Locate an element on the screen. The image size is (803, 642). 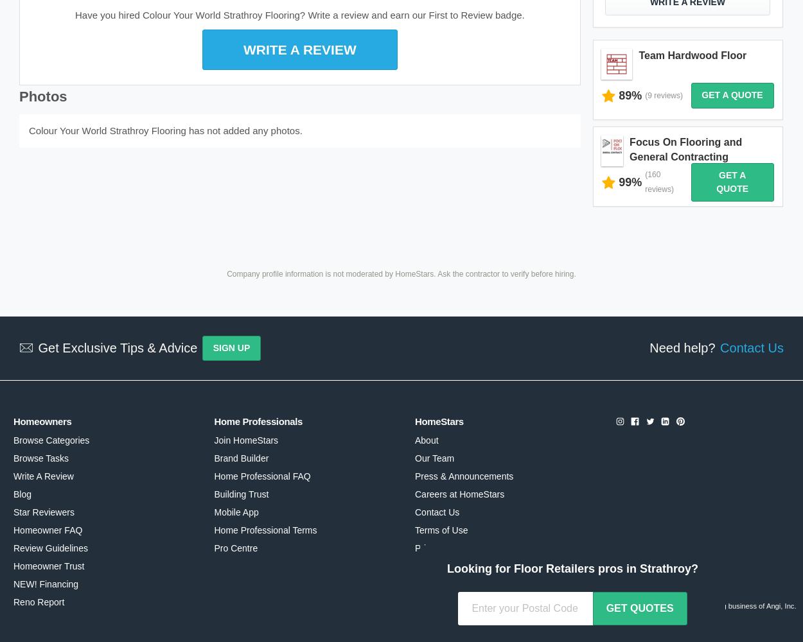
'160' is located at coordinates (654, 175).